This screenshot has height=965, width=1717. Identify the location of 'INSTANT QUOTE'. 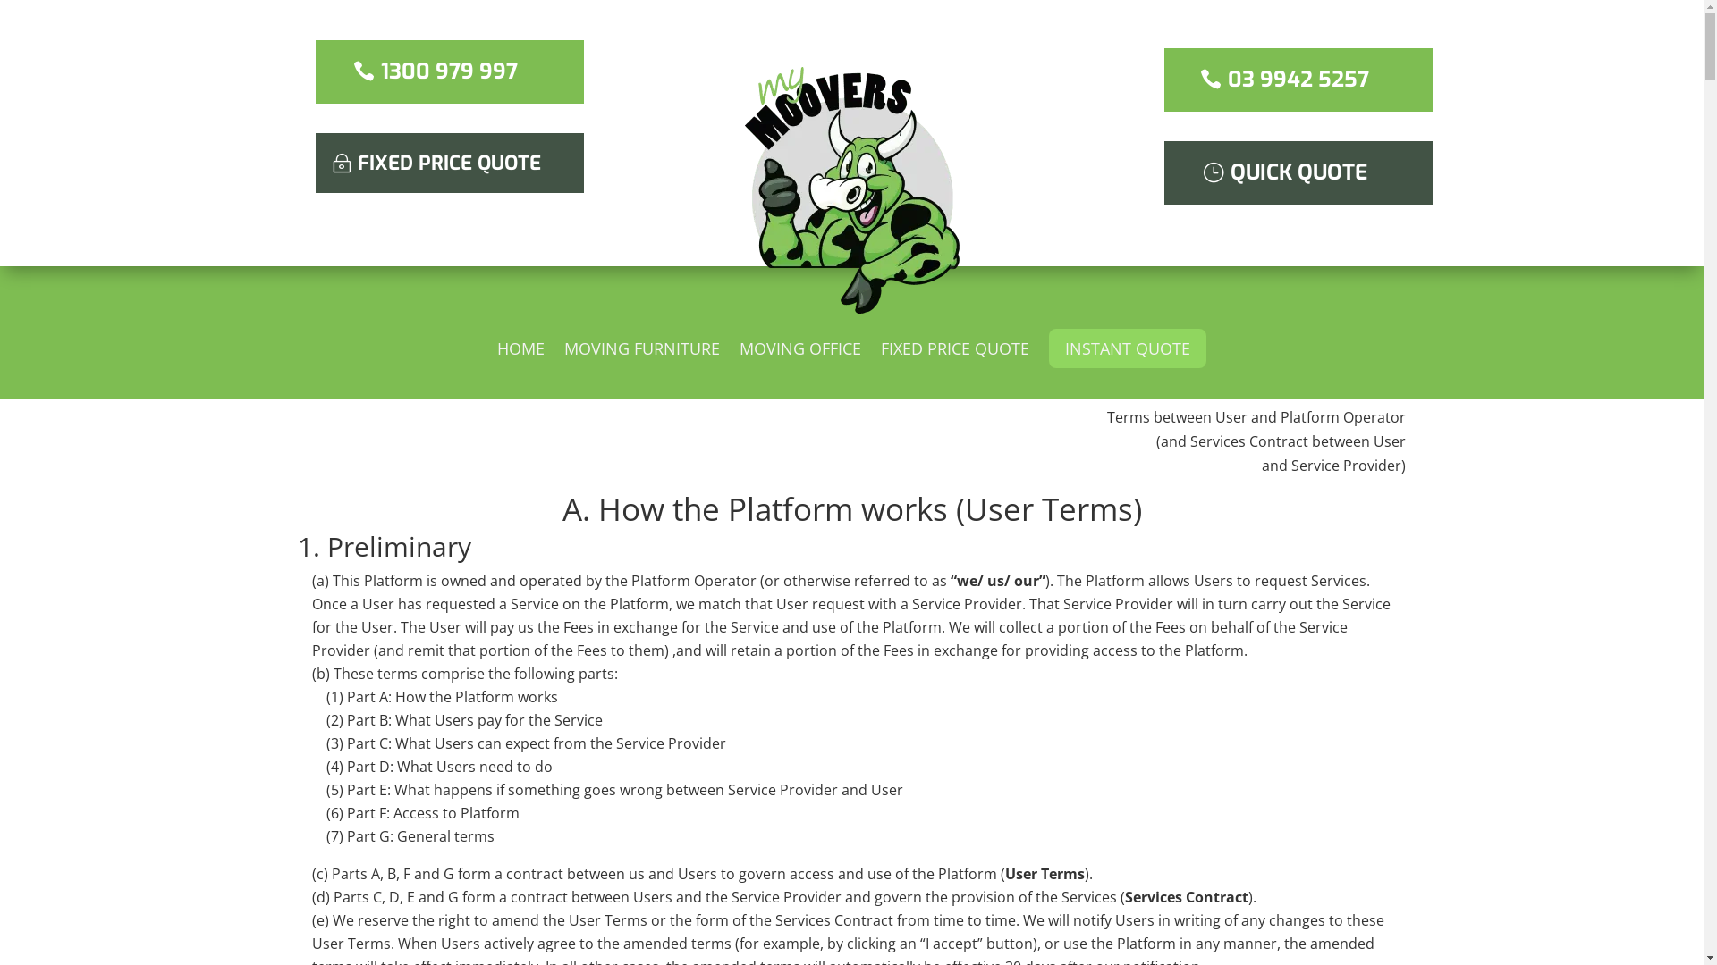
(1127, 348).